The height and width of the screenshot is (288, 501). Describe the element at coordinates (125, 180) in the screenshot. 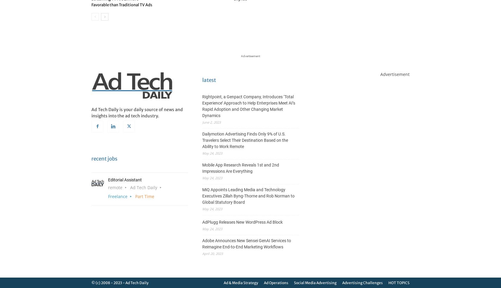

I see `'Editorial Assistant'` at that location.